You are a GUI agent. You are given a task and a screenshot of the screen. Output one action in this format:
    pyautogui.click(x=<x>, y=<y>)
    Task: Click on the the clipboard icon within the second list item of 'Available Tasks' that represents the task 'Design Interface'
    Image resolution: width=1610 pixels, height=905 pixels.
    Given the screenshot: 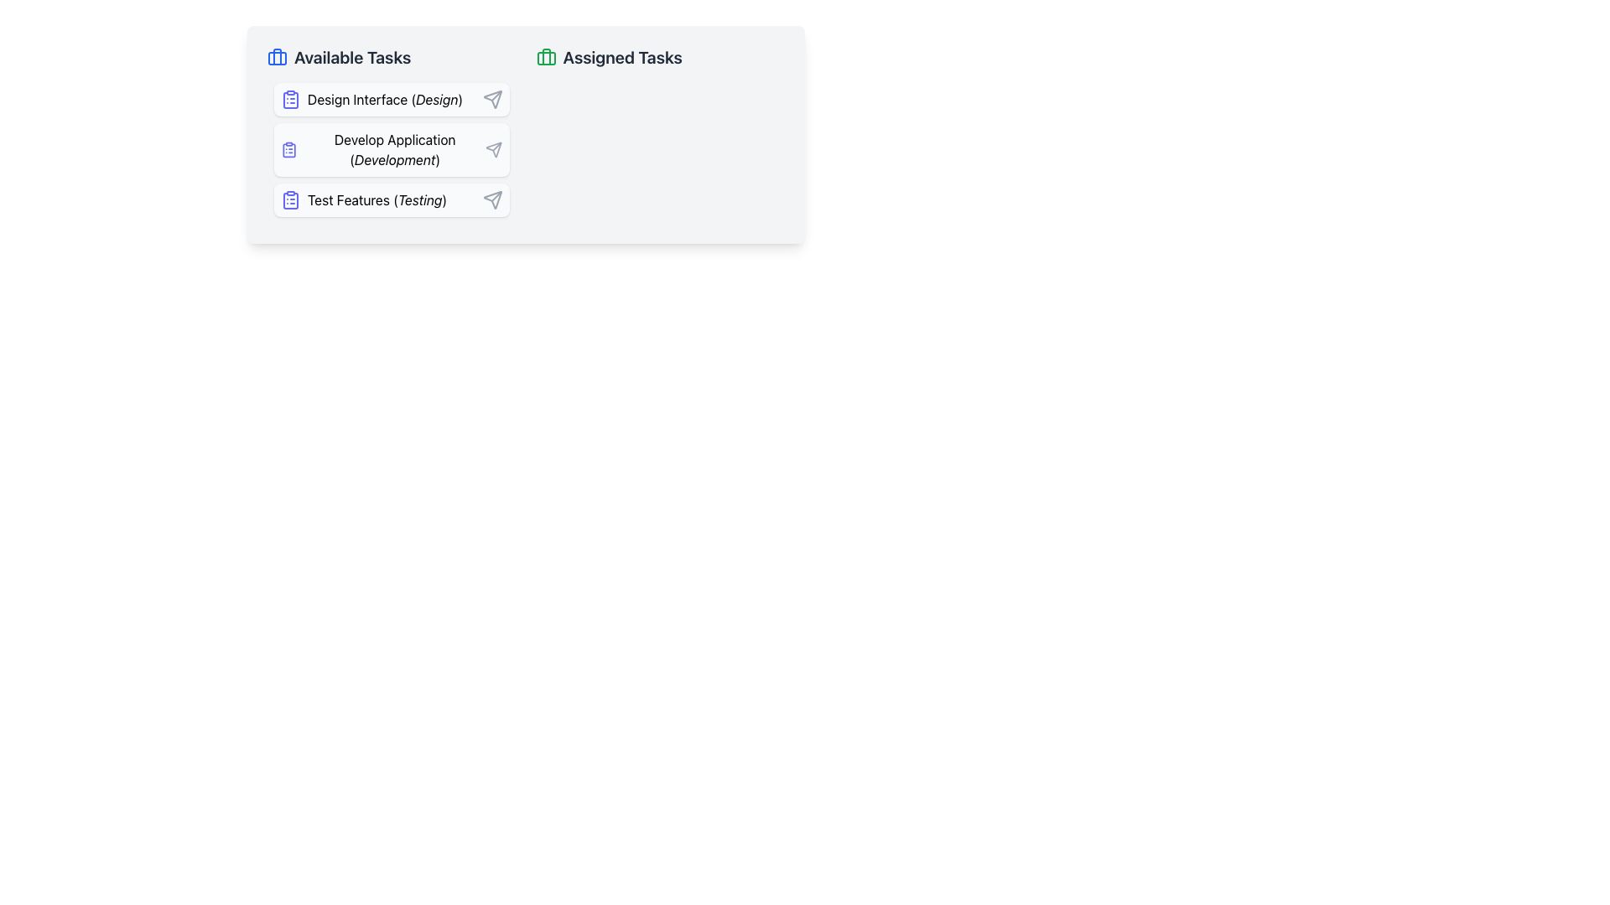 What is the action you would take?
    pyautogui.click(x=290, y=100)
    